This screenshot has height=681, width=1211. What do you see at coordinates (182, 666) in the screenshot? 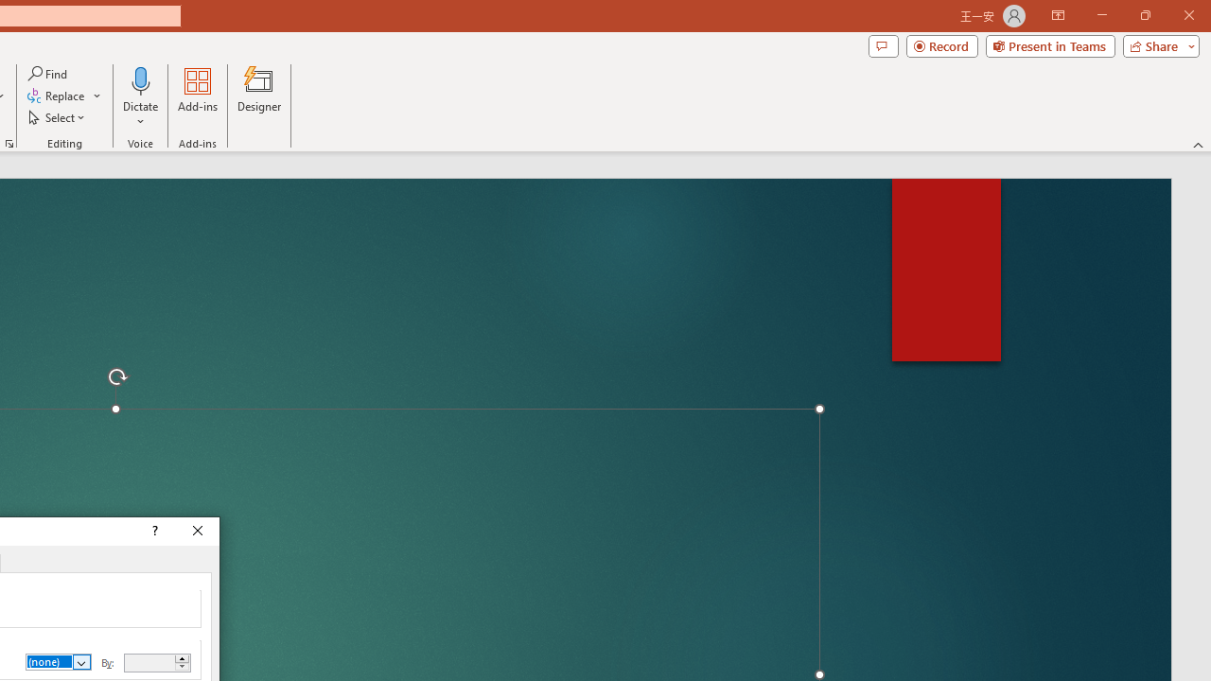
I see `'Less'` at bounding box center [182, 666].